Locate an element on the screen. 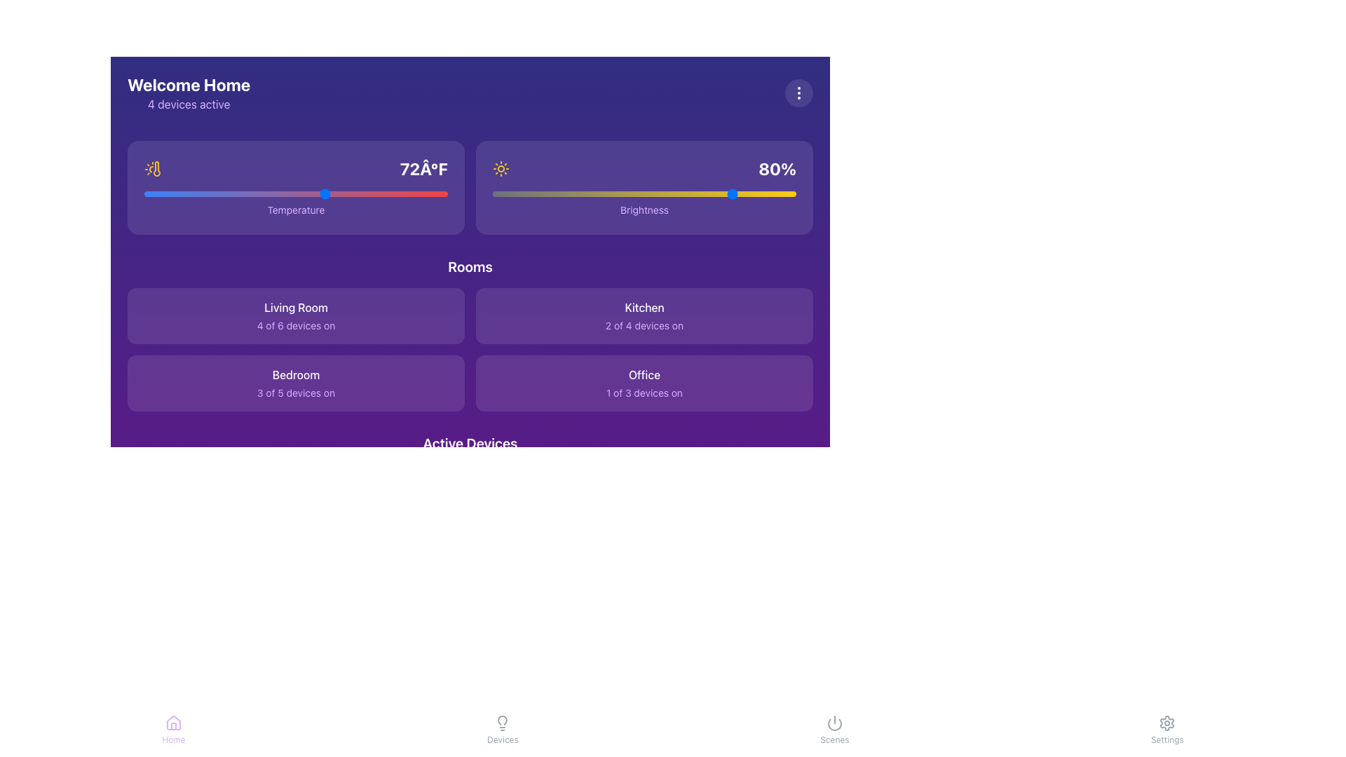  the 'Scenes' button, which is the third button in the navigation bar at the bottom of the interface is located at coordinates (834, 729).